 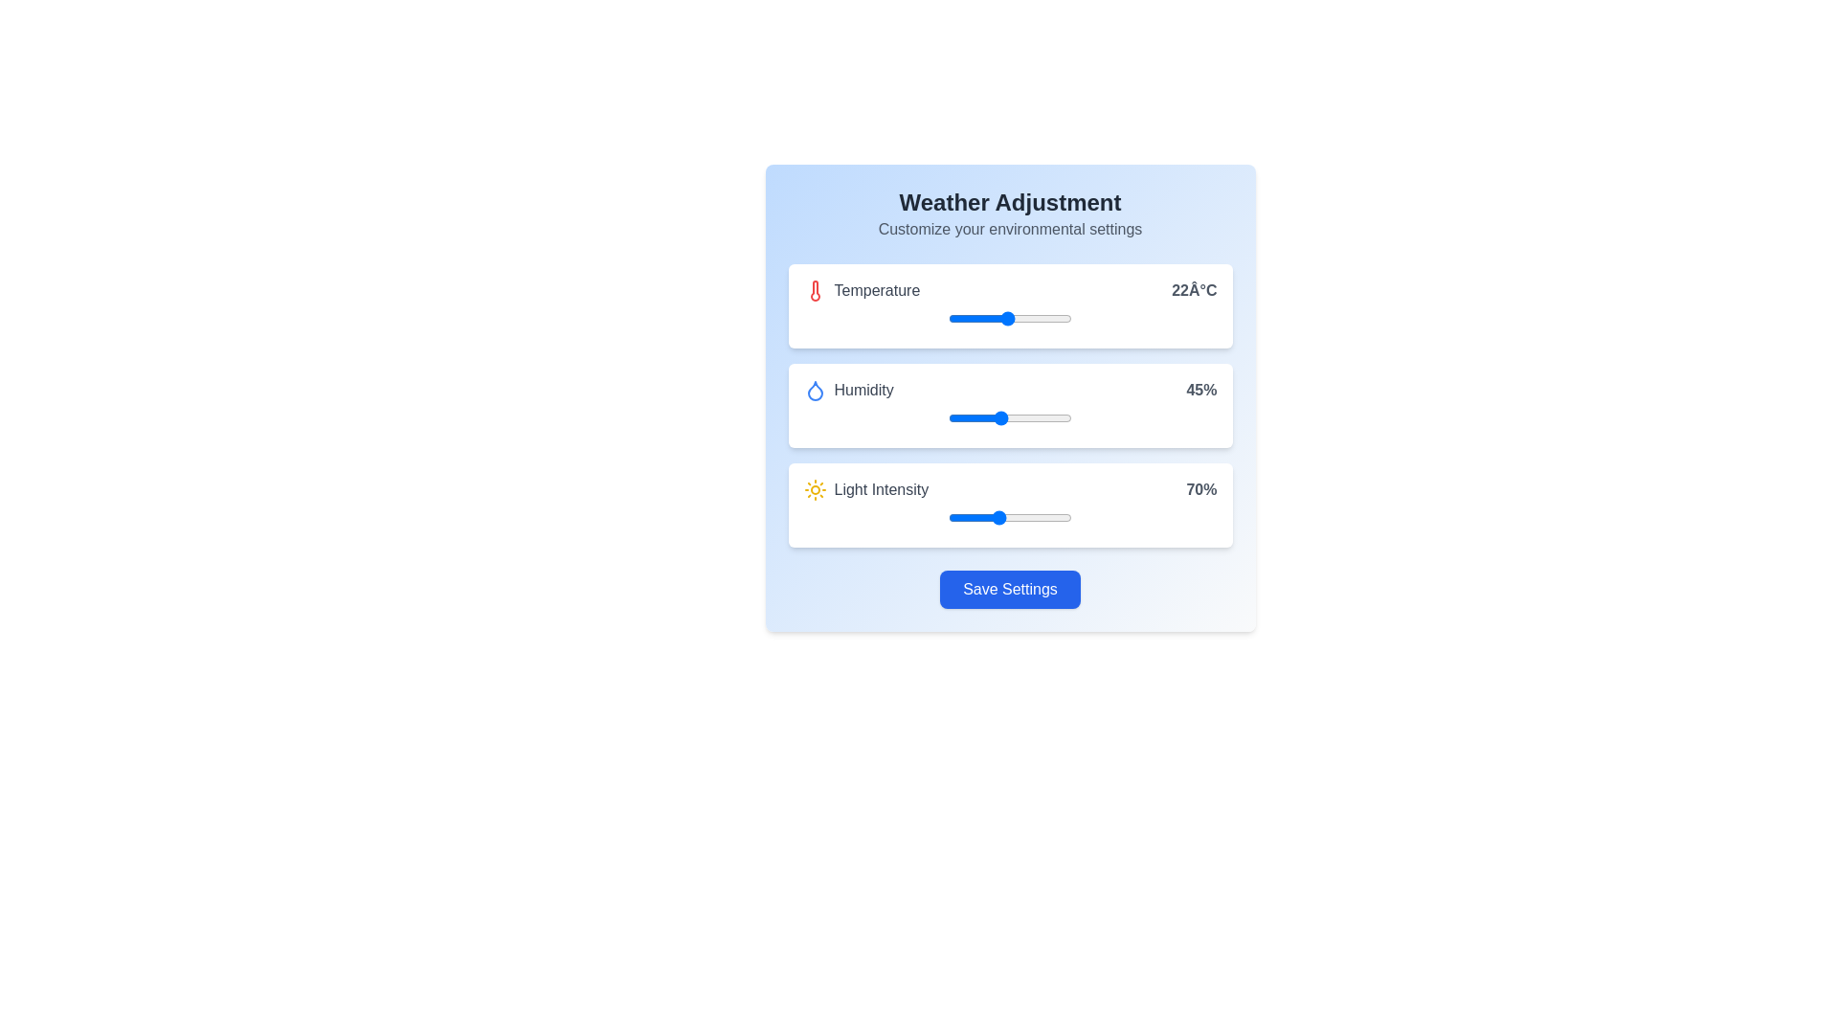 What do you see at coordinates (1009, 203) in the screenshot?
I see `the Text label (heading) that serves as the title for the card, located at the top-center of the card layout, above the 'Customize your environmental settings' text` at bounding box center [1009, 203].